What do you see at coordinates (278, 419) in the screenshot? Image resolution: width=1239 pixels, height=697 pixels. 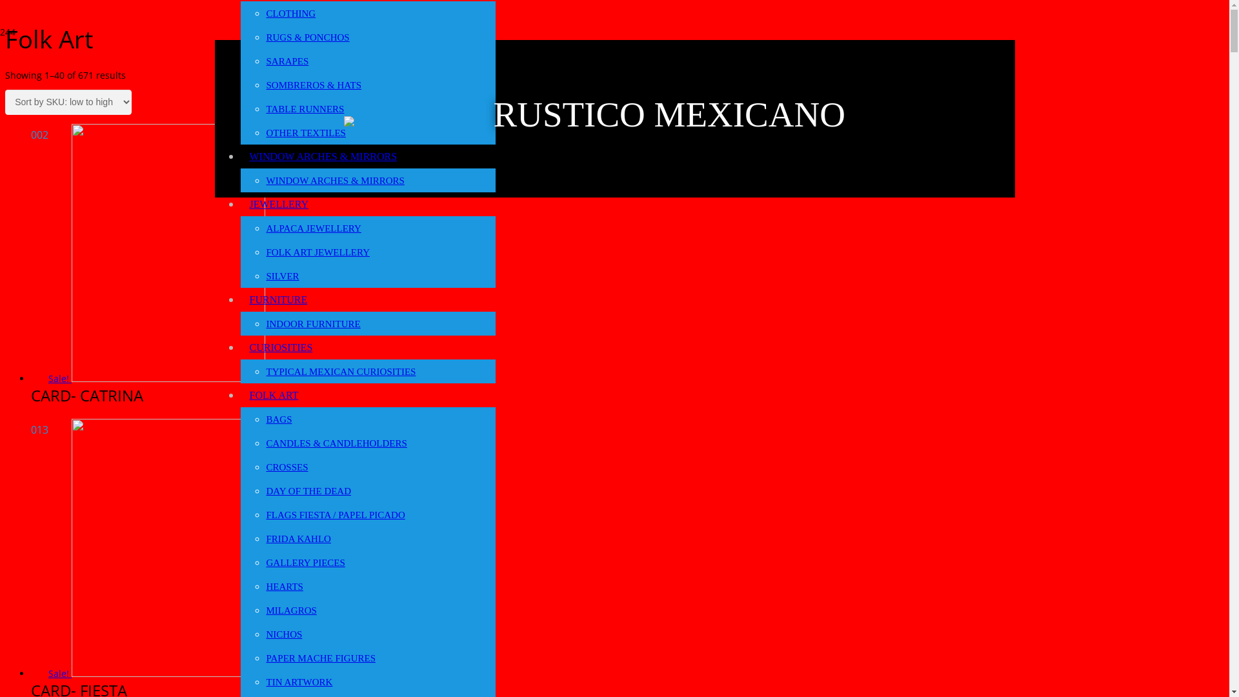 I see `'BAGS'` at bounding box center [278, 419].